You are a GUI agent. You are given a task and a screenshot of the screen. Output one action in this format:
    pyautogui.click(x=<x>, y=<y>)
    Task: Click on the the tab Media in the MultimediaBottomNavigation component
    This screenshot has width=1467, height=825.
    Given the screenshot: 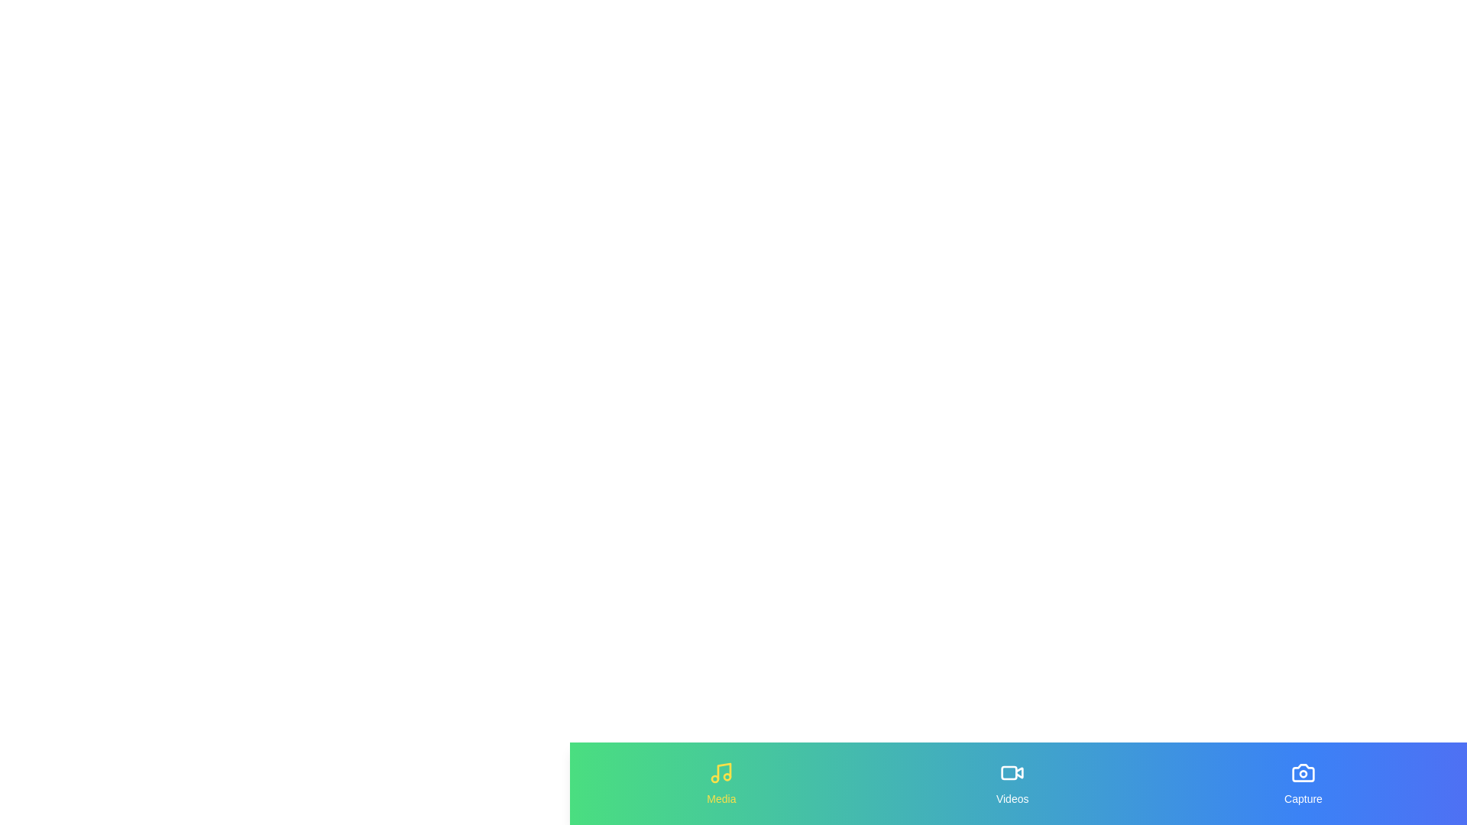 What is the action you would take?
    pyautogui.click(x=721, y=784)
    